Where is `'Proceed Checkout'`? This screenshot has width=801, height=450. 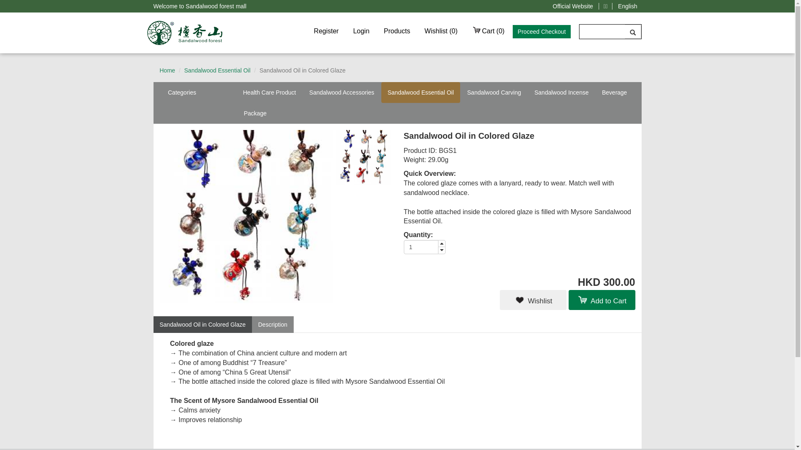 'Proceed Checkout' is located at coordinates (542, 31).